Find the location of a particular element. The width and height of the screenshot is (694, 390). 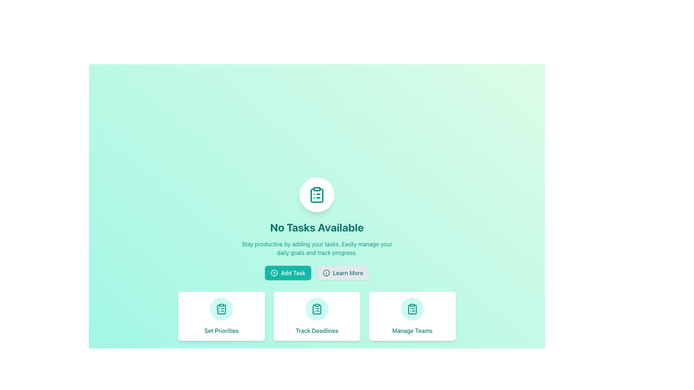

the circular icon component that represents the 'Add Task' functionality, located to the left of the 'Add Task' button beneath 'No Tasks Available' is located at coordinates (274, 273).